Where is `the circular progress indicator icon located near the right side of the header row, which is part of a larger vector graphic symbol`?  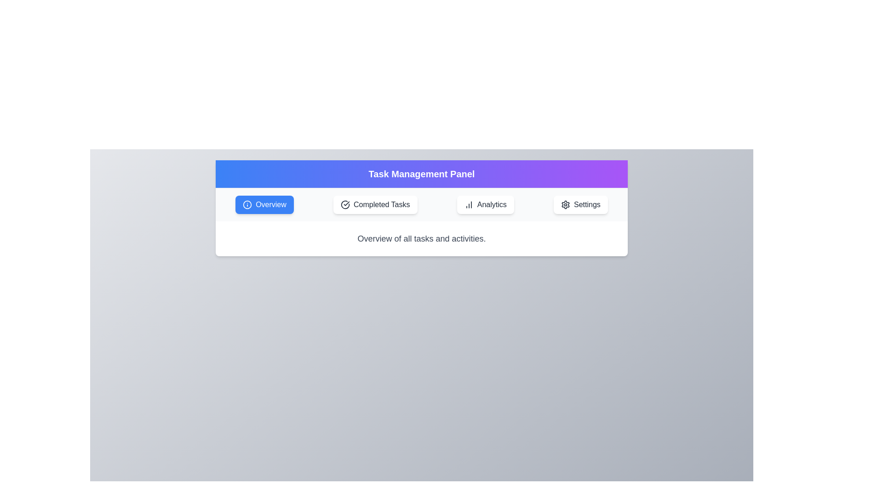 the circular progress indicator icon located near the right side of the header row, which is part of a larger vector graphic symbol is located at coordinates (345, 204).